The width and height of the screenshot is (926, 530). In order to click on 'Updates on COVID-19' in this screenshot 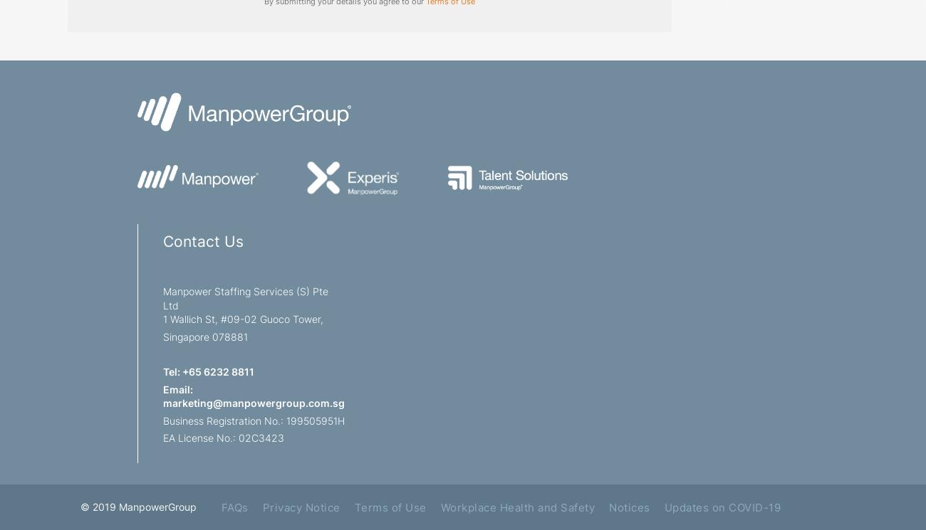, I will do `click(663, 506)`.